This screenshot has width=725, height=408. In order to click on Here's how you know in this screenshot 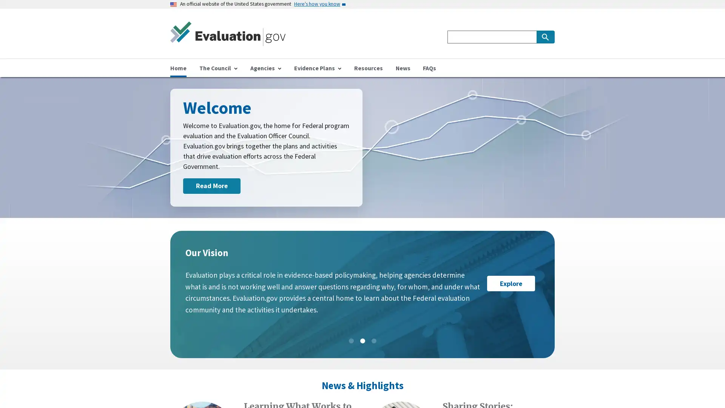, I will do `click(319, 4)`.